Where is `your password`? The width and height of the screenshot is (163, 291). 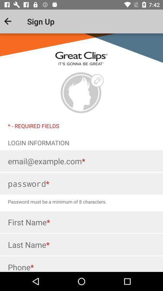 your password is located at coordinates (81, 183).